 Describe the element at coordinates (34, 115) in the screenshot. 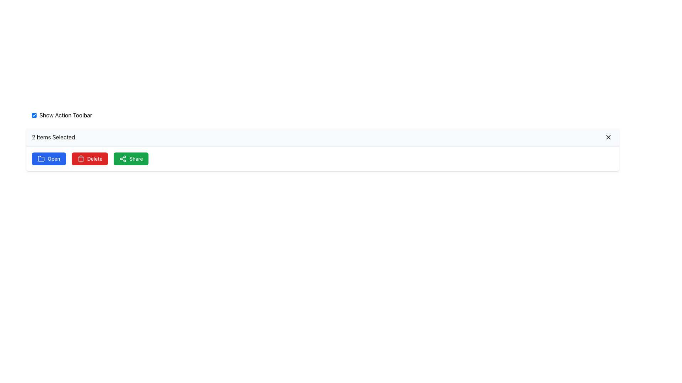

I see `the blue styled checkbox located to the left of the 'Show Action Toolbar' label` at that location.